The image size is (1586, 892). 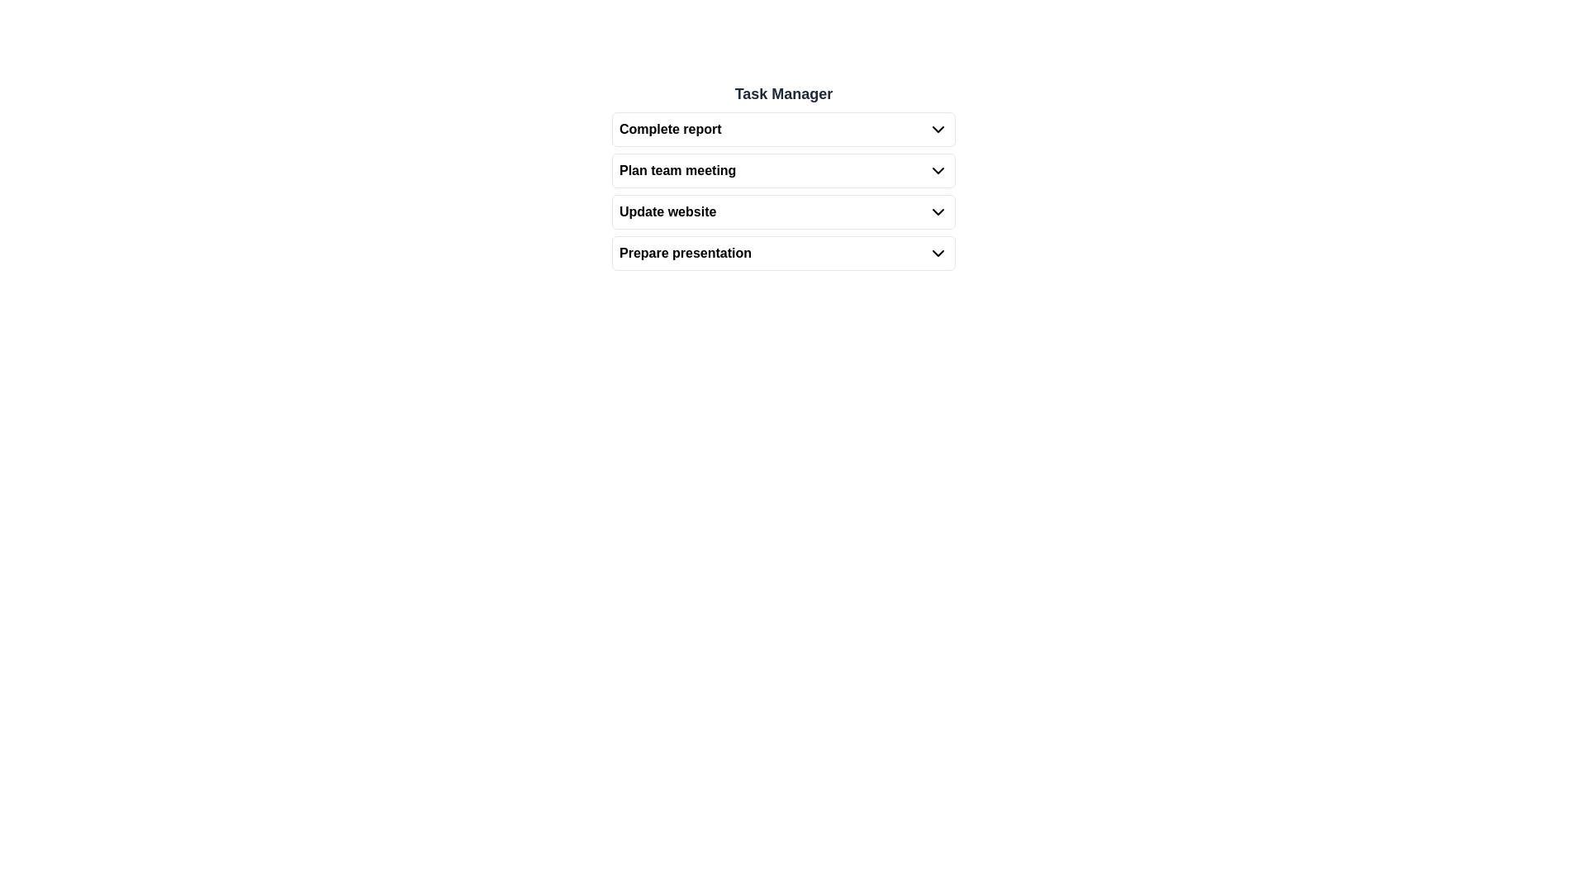 I want to click on the dropdown toggle icon, which is a minimalistic chevron pointing downwards located on the far-right side of the 'Update website' row in the Task Manager options list, so click(x=938, y=211).